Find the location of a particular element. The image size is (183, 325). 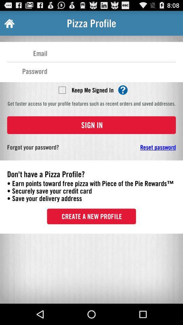

the app above the email is located at coordinates (8, 23).